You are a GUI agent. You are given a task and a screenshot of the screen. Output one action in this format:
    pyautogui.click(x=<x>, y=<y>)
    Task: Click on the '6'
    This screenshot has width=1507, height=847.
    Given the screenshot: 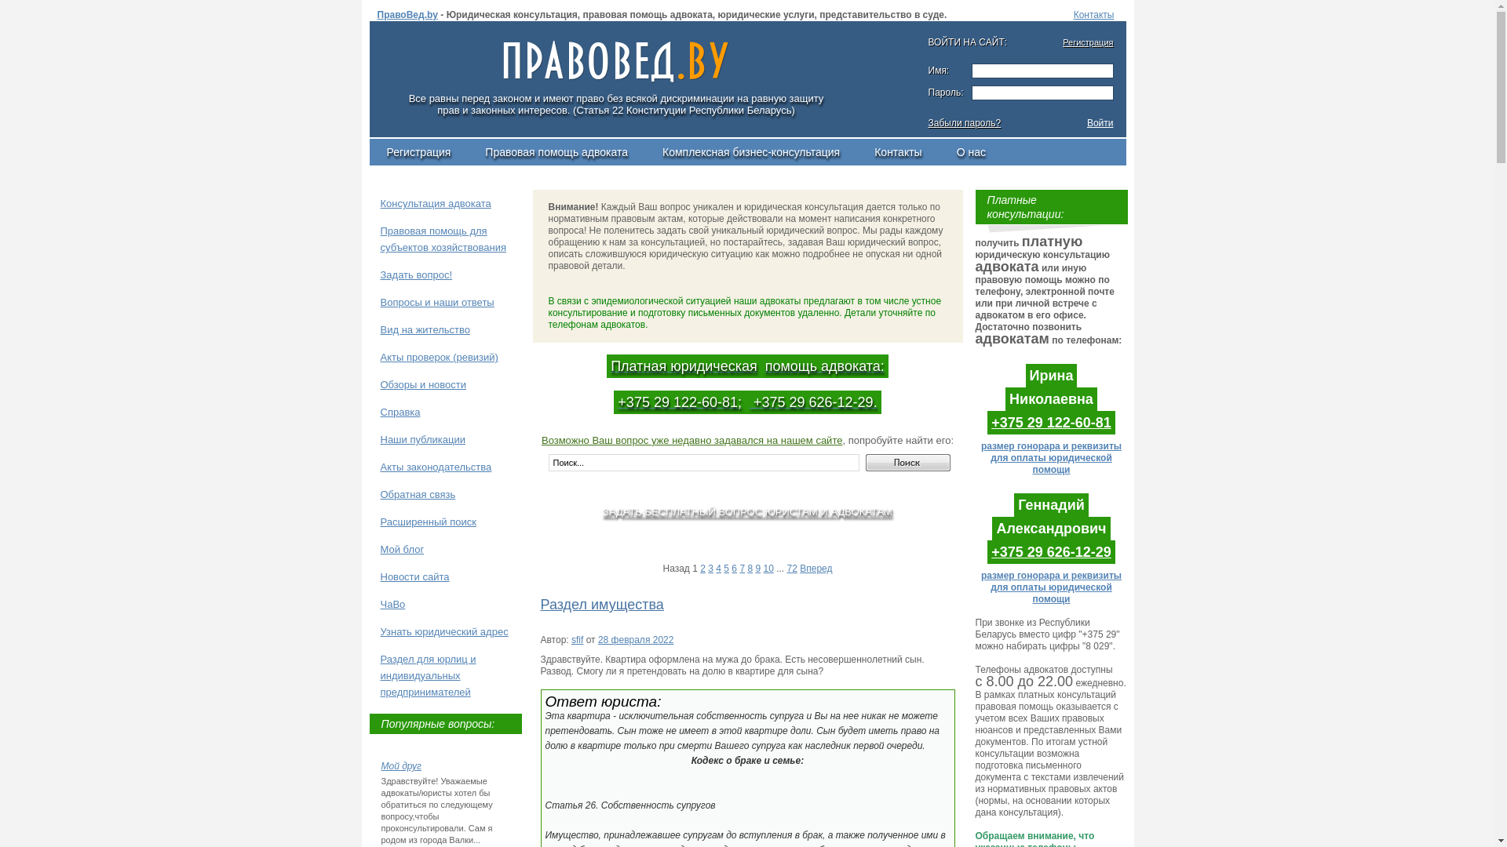 What is the action you would take?
    pyautogui.click(x=733, y=569)
    